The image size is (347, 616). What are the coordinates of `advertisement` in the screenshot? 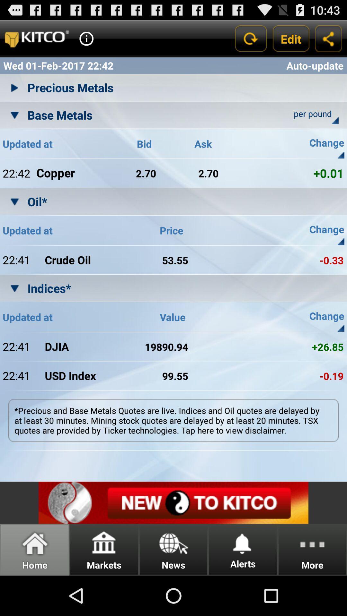 It's located at (173, 502).